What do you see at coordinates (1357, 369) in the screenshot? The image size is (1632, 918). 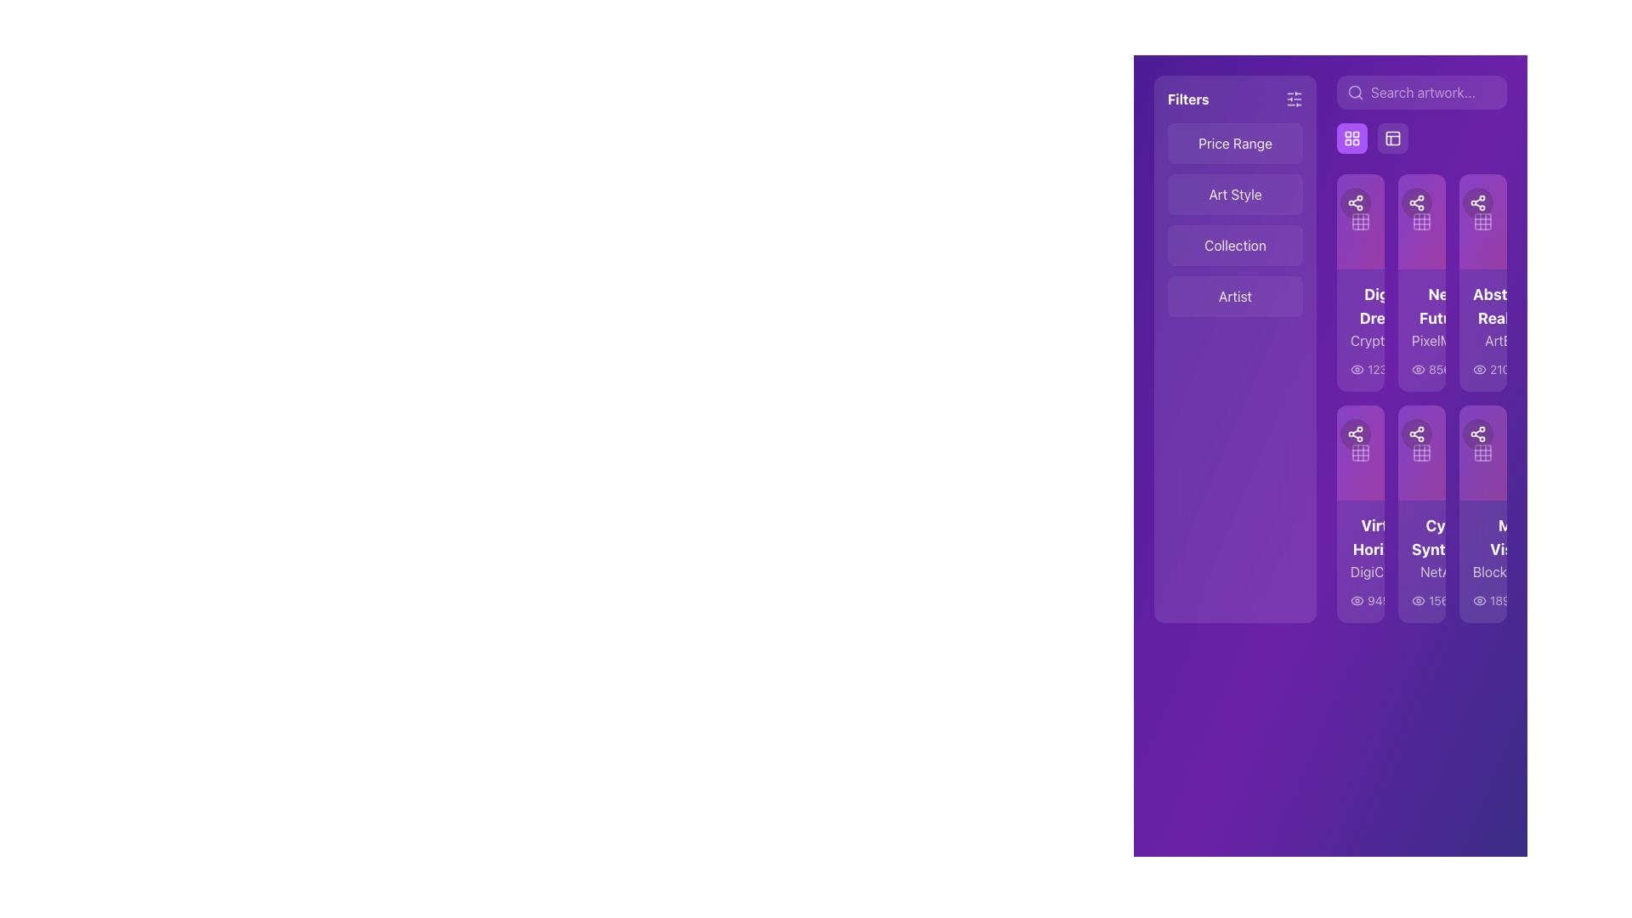 I see `the eye-shaped icon, which is part of a card-like component in the right-side grid, by clicking on its center point` at bounding box center [1357, 369].